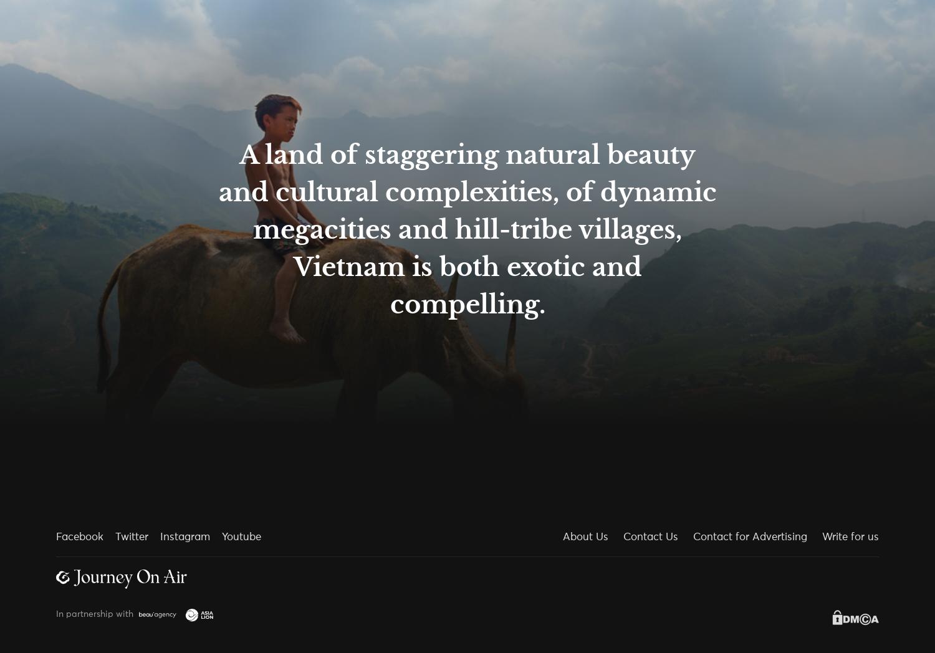 The image size is (935, 653). I want to click on 'Contact Us', so click(651, 537).